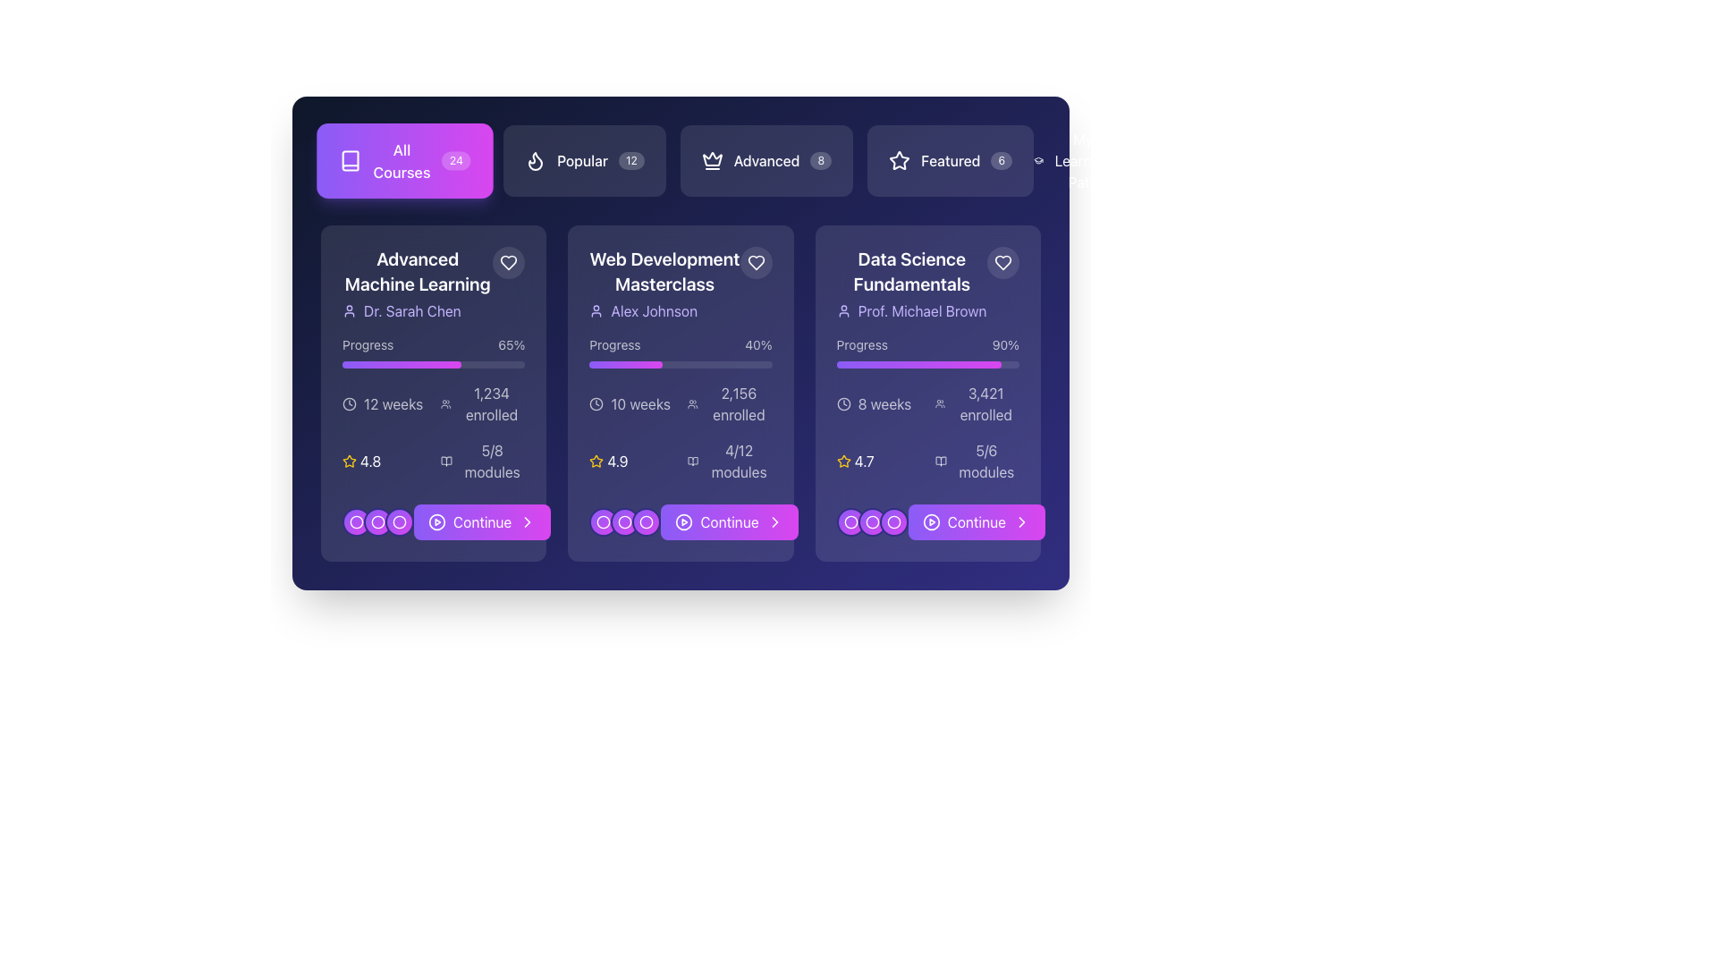 This screenshot has width=1717, height=966. I want to click on the first circular button located at the bottom left of the 'Advanced Machine Learning' course card, positioned above the 'Continue' button, so click(398, 521).